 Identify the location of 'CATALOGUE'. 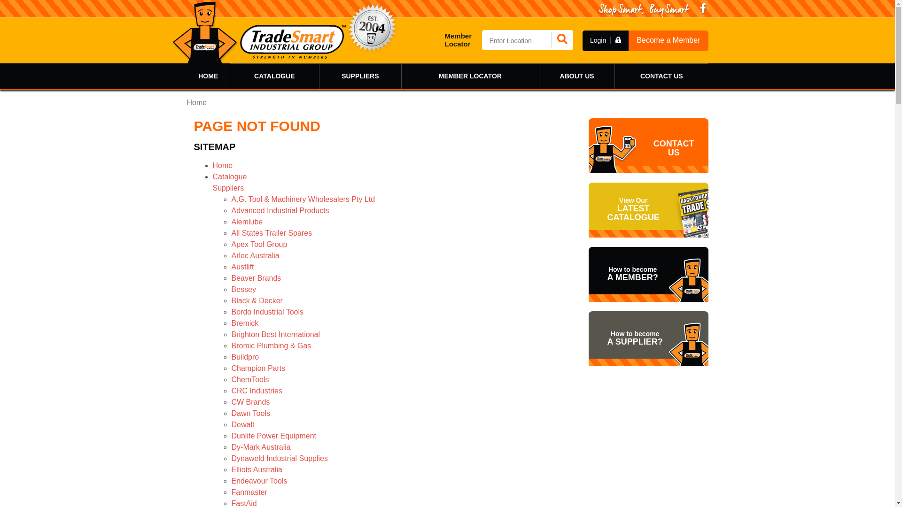
(274, 76).